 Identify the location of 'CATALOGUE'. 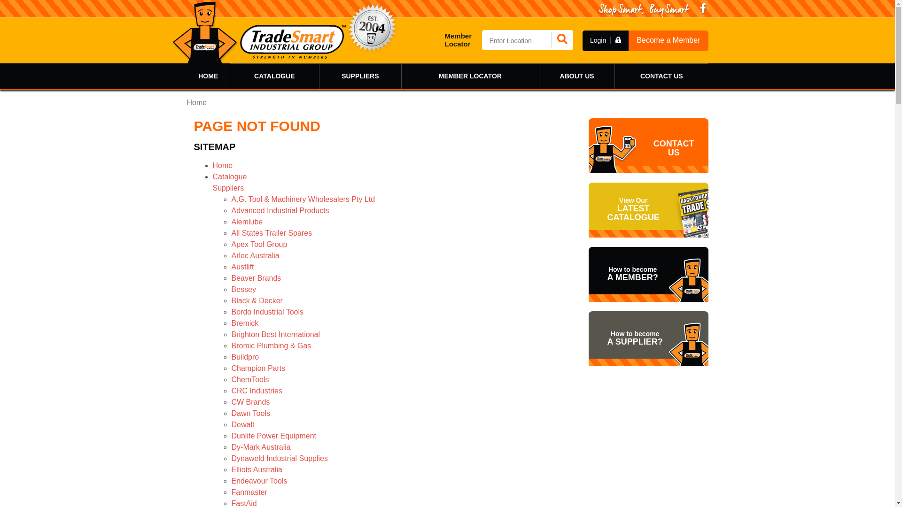
(274, 76).